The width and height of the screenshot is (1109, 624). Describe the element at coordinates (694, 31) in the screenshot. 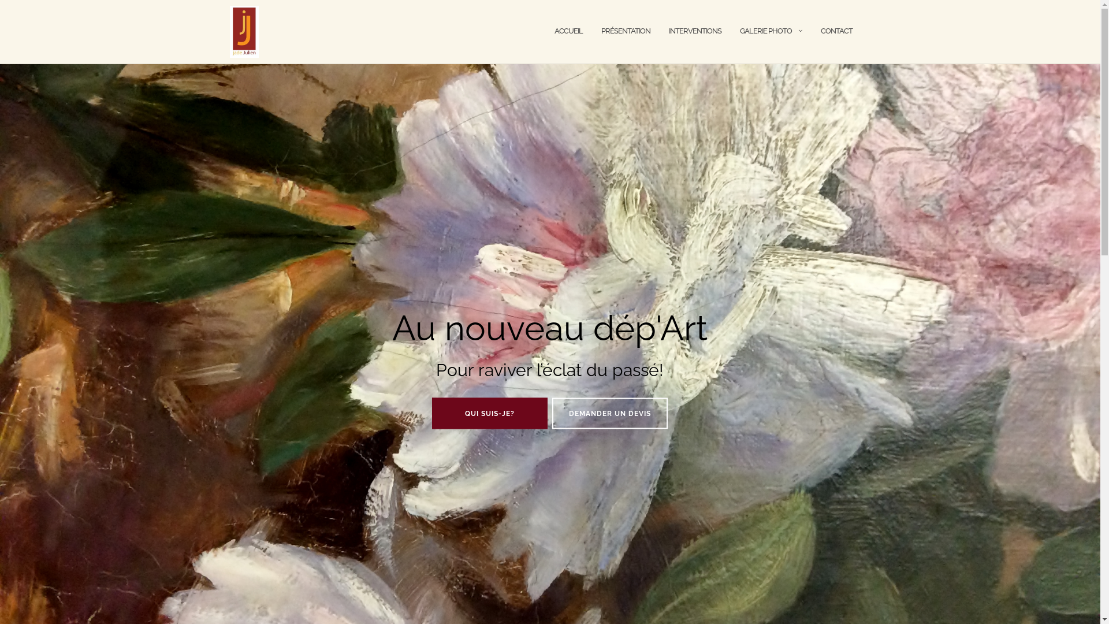

I see `'INTERVENTIONS'` at that location.